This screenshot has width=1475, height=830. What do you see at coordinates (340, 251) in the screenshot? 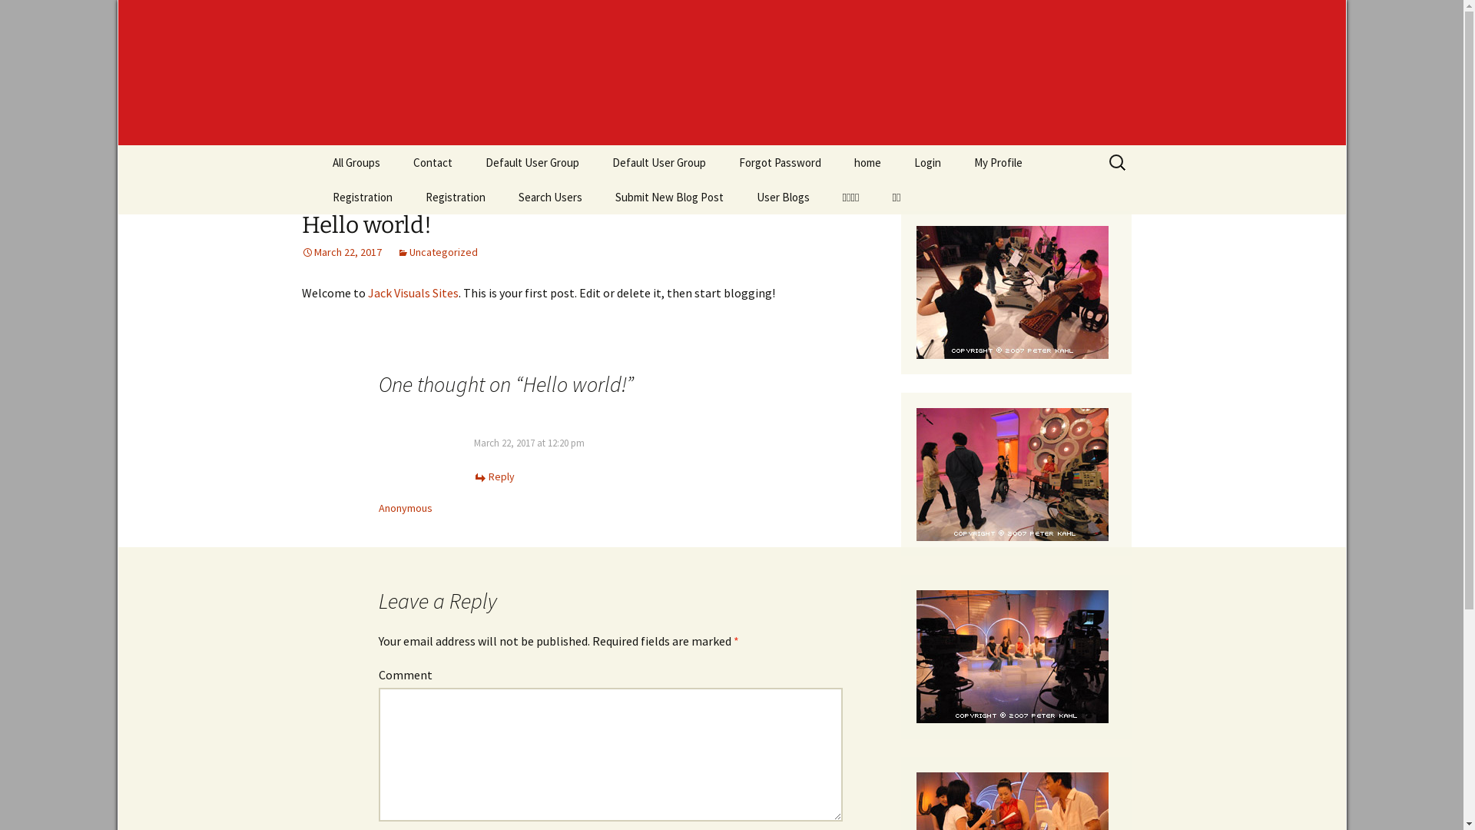
I see `'March 22, 2017'` at bounding box center [340, 251].